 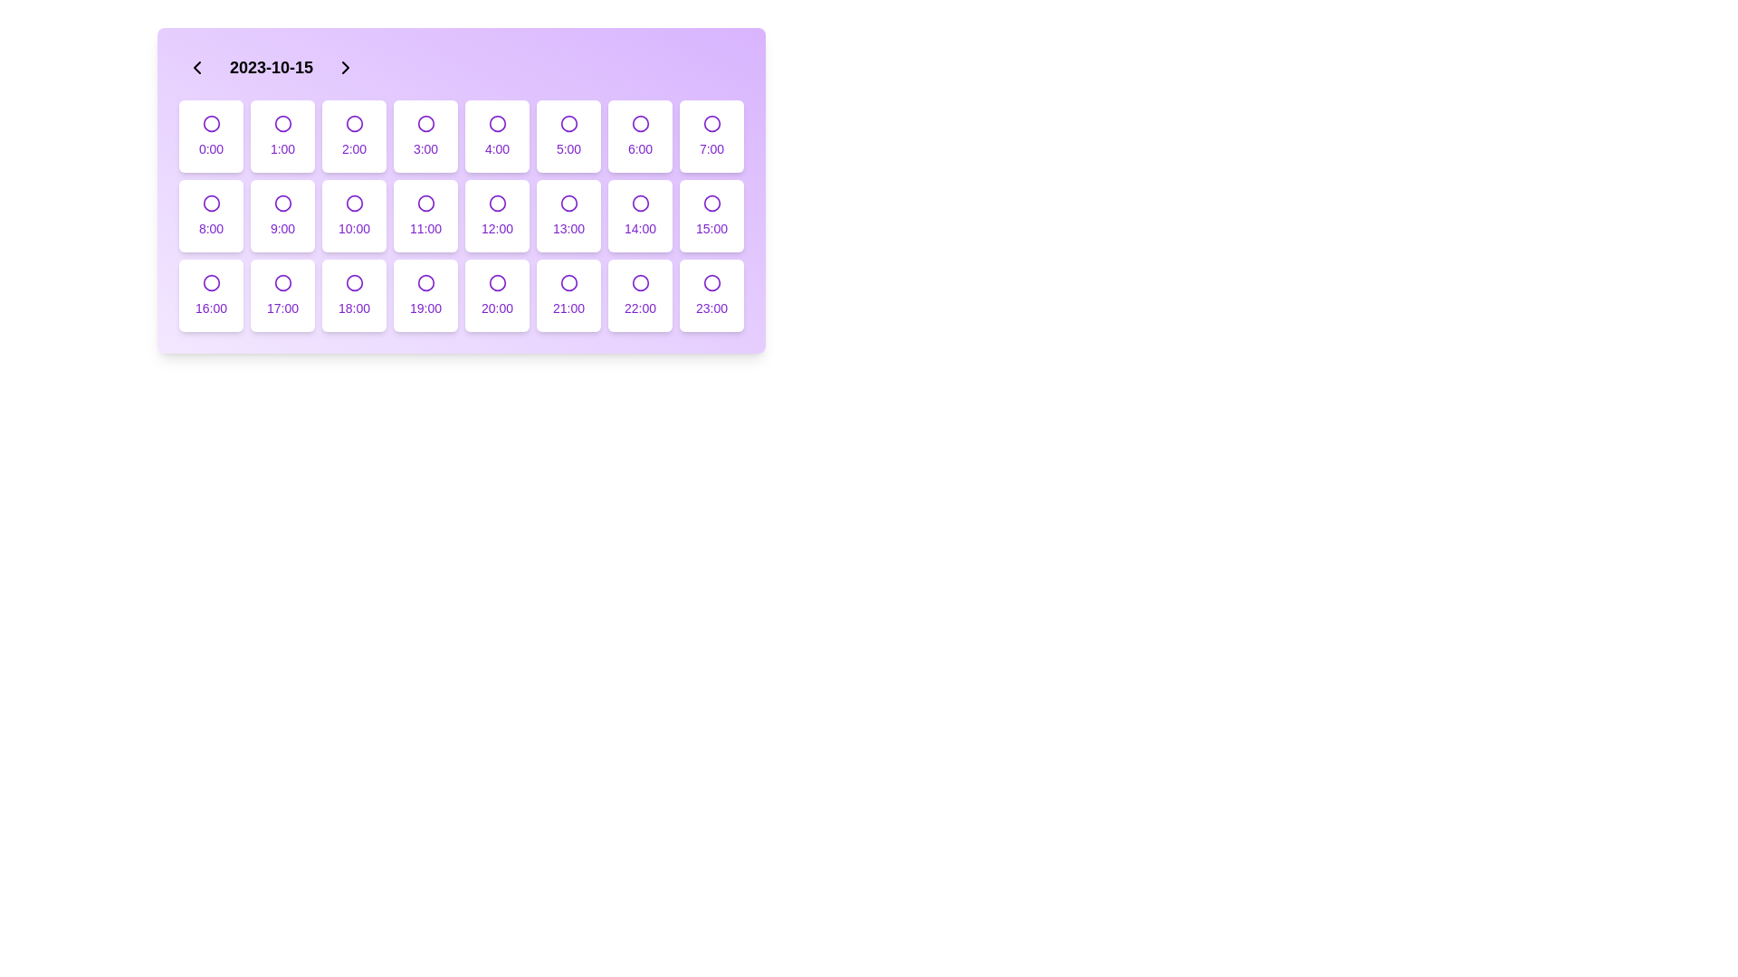 I want to click on the SVG Circle element located at the '11:00' column in the time interval row, which is styled with no fill and resides within a soft purple toned graphical interface, so click(x=425, y=203).